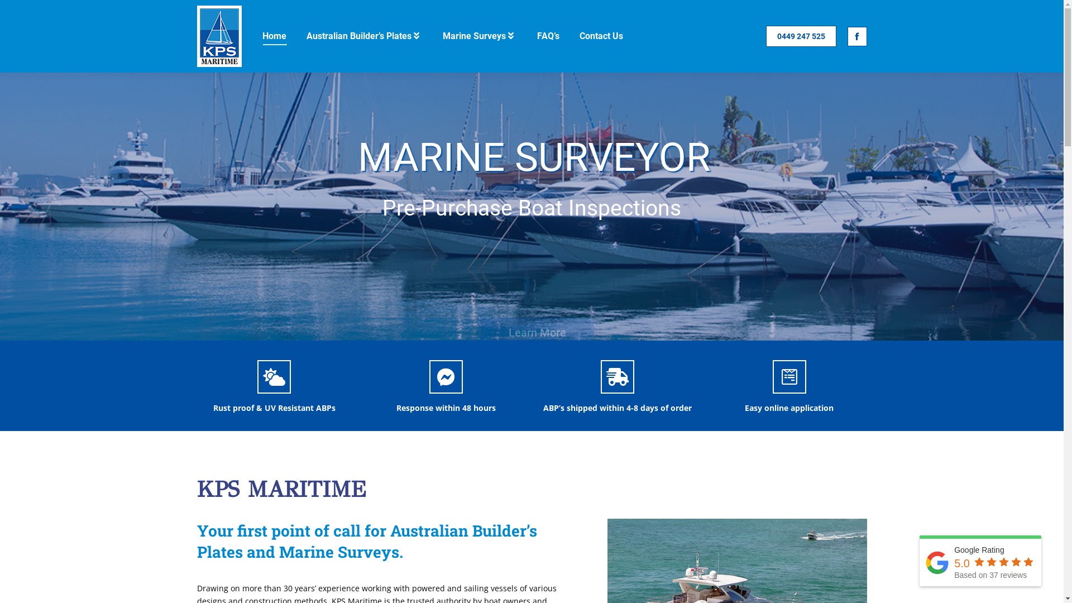  Describe the element at coordinates (274, 36) in the screenshot. I see `'Home'` at that location.